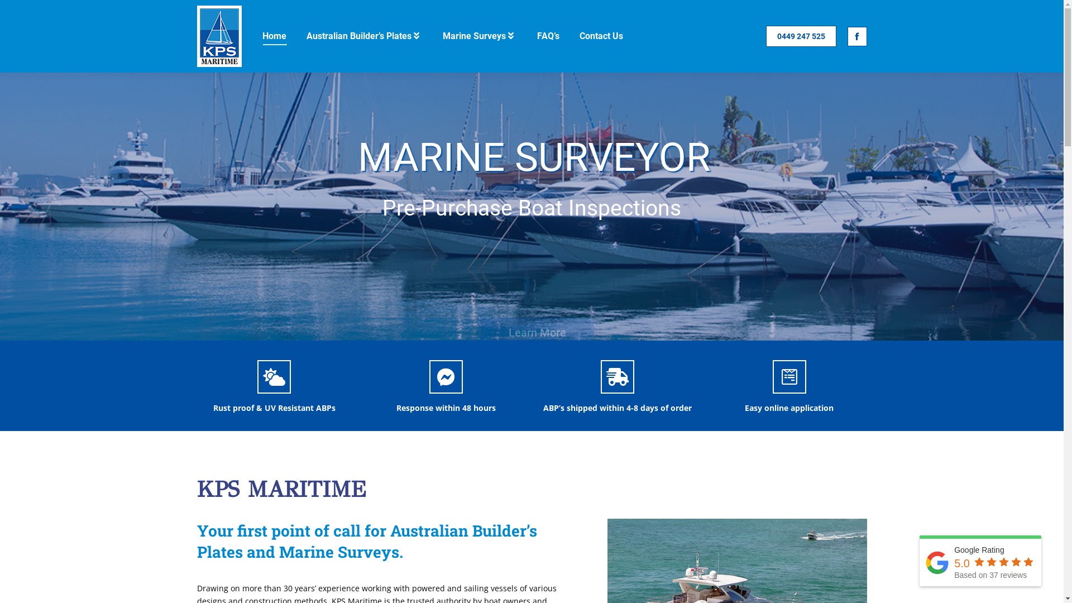  Describe the element at coordinates (274, 36) in the screenshot. I see `'Home'` at that location.